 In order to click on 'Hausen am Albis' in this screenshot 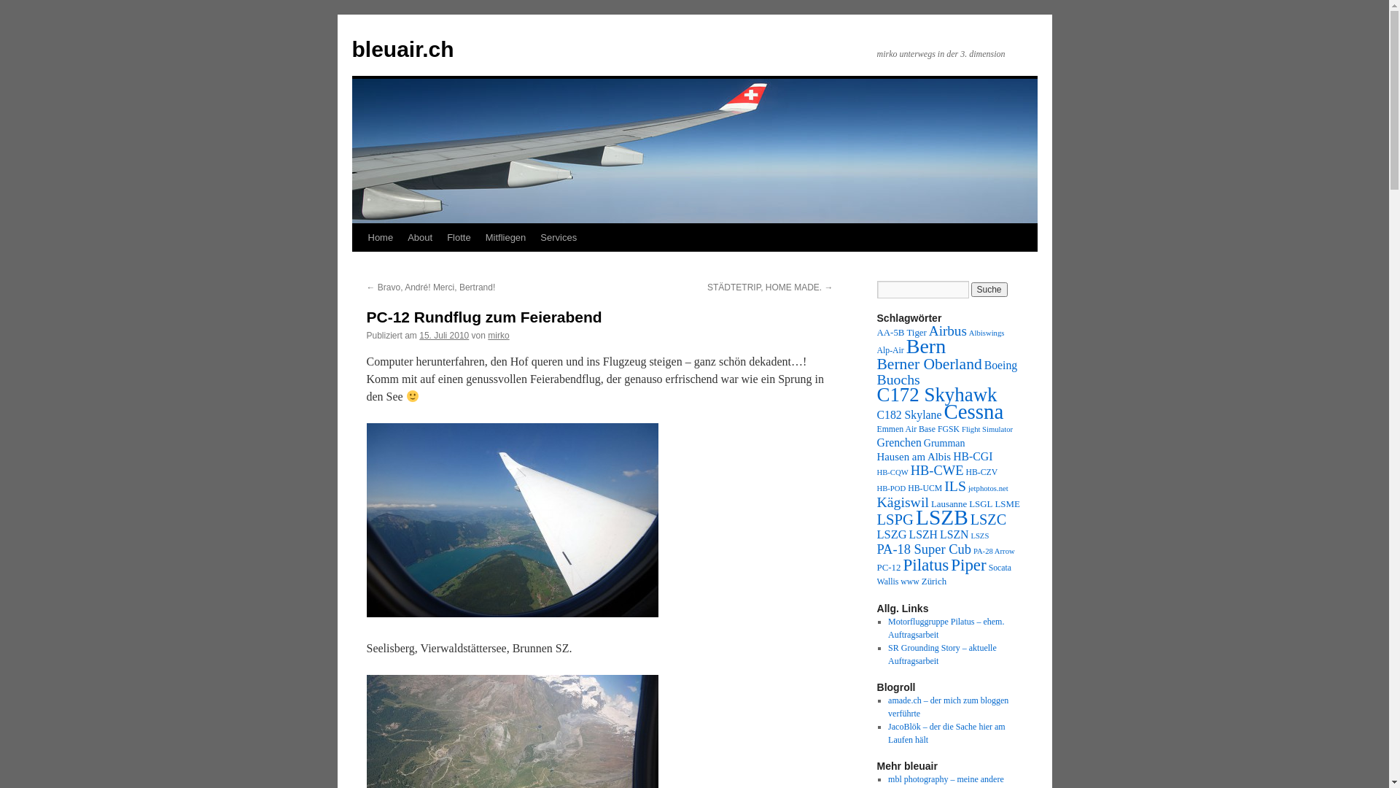, I will do `click(875, 455)`.